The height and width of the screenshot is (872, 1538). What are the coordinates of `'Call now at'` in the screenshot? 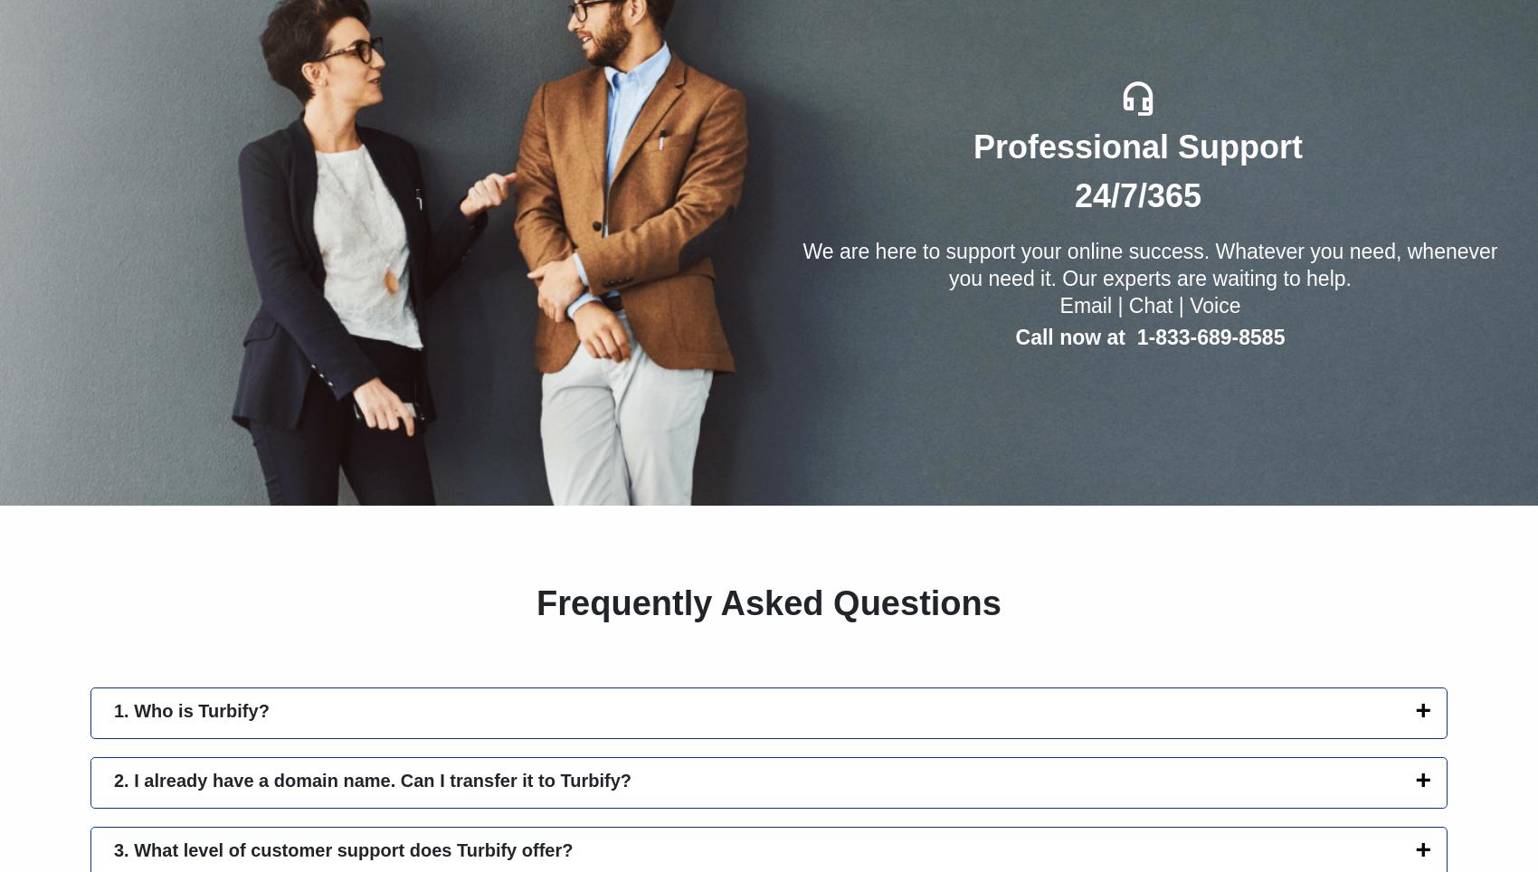 It's located at (1015, 336).